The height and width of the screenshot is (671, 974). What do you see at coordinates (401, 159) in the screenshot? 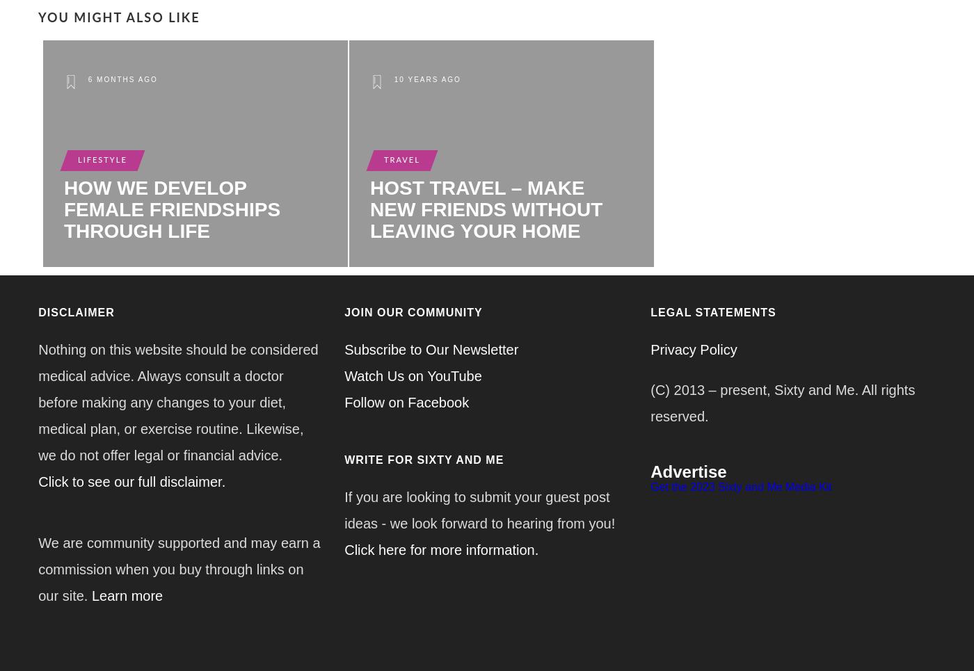
I see `'Travel'` at bounding box center [401, 159].